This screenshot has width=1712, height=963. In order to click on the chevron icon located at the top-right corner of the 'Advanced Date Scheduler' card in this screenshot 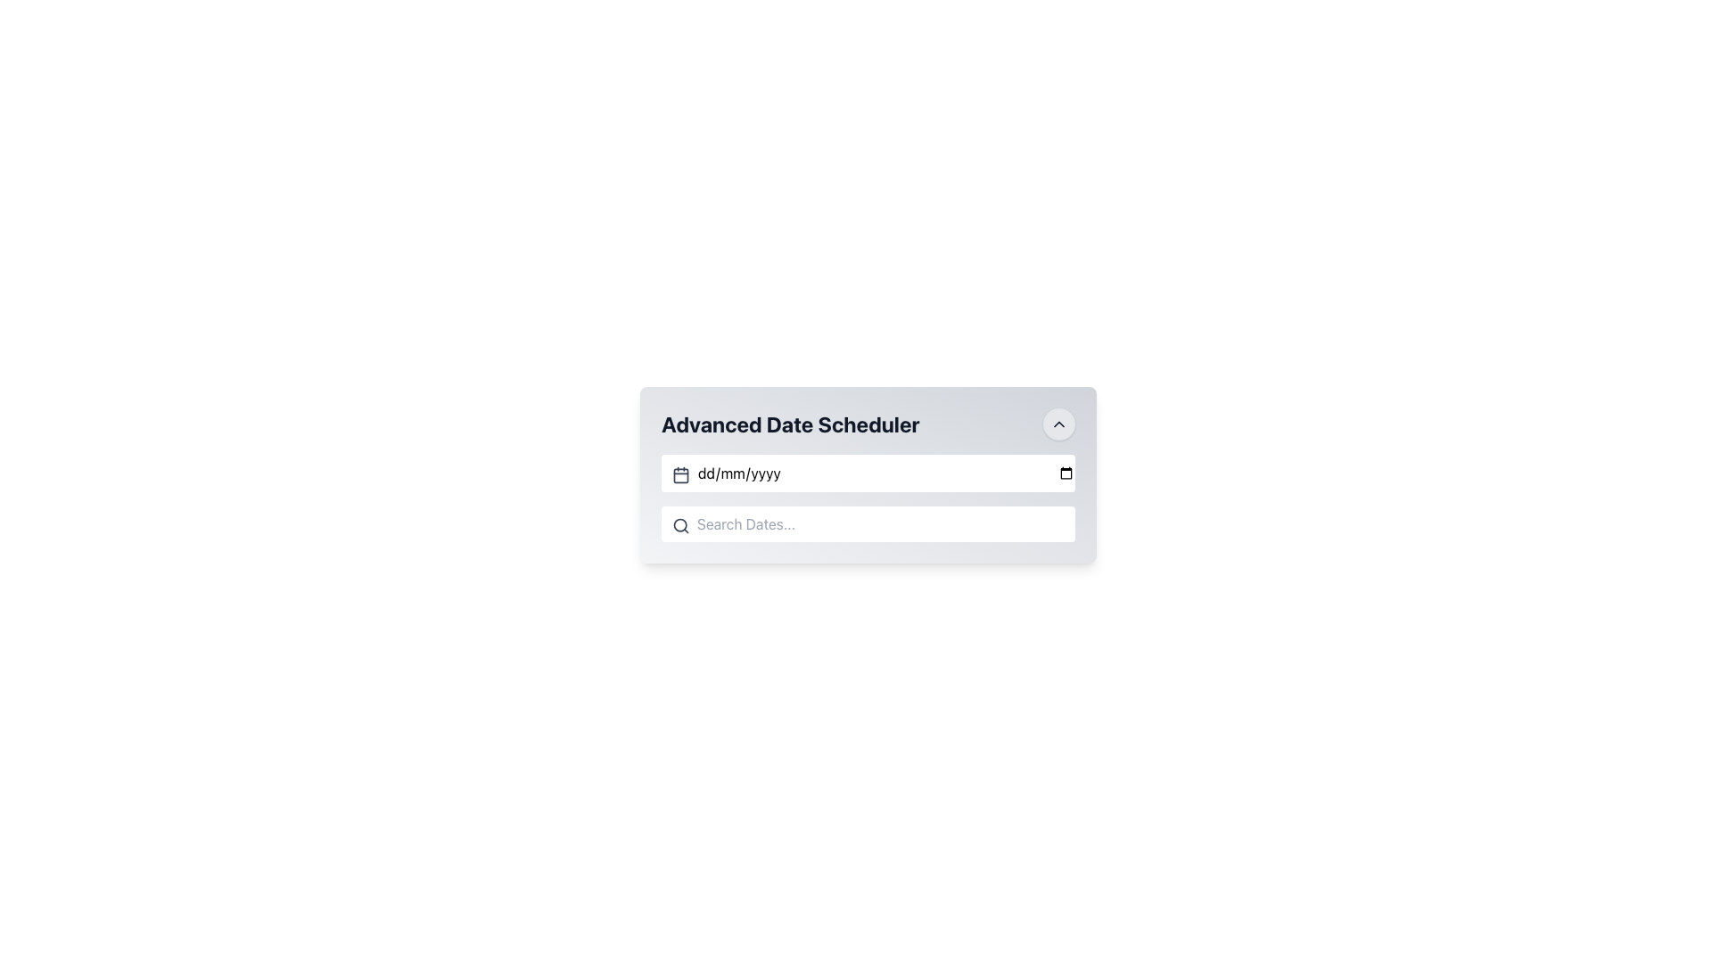, I will do `click(1059, 424)`.